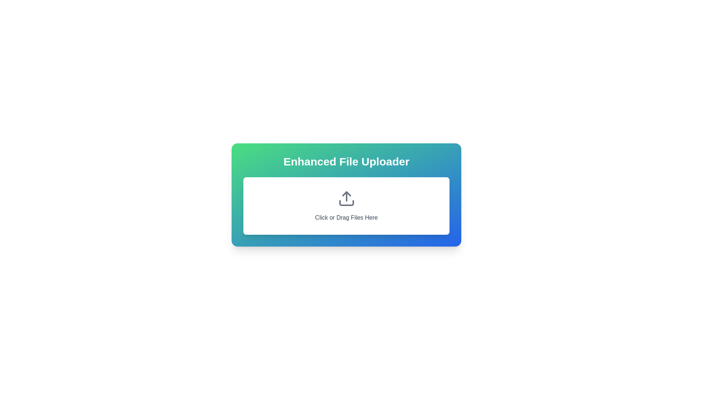  What do you see at coordinates (346, 194) in the screenshot?
I see `the 'Enhanced File Uploader' element featuring a gradient background and a dashed border box for file uploads on touch-enabled devices` at bounding box center [346, 194].